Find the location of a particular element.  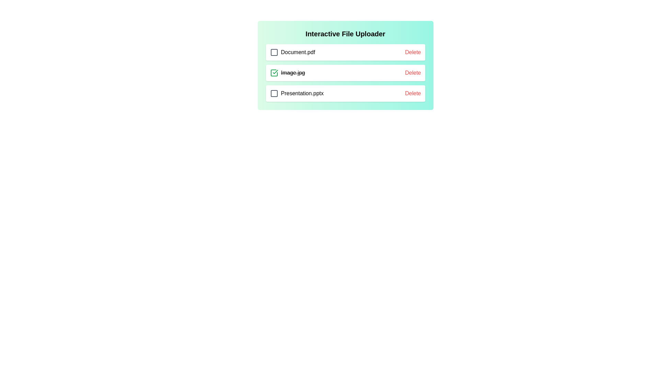

the checkbox for the file Presentation.pptx is located at coordinates (274, 94).